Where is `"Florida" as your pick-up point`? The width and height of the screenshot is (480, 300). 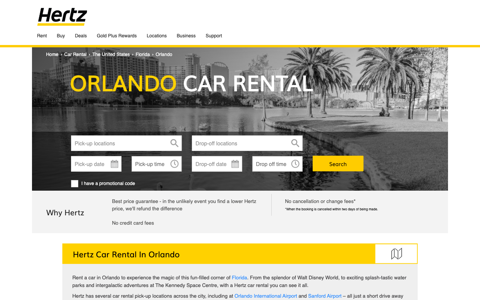 "Florida" as your pick-up point is located at coordinates (126, 143).